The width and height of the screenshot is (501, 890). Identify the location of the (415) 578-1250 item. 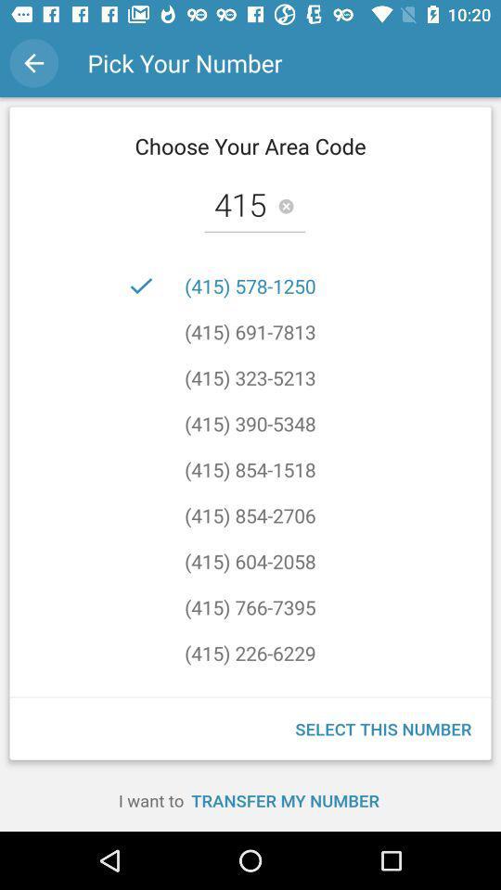
(250, 286).